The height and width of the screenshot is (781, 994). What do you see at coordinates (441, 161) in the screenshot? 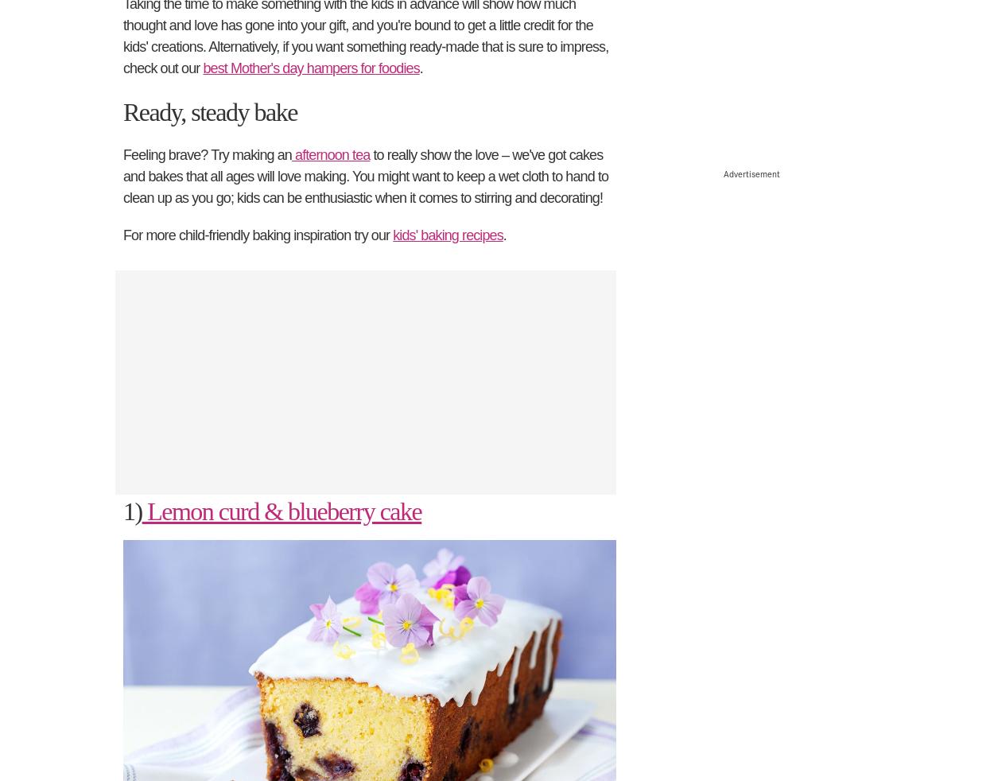
I see `'528 ratings'` at bounding box center [441, 161].